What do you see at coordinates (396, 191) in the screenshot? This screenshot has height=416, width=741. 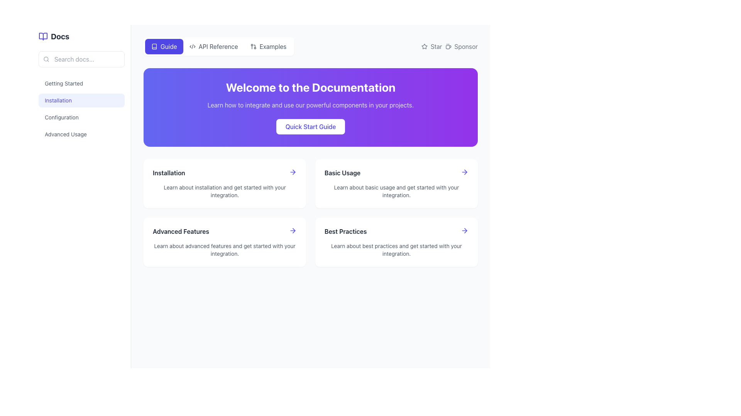 I see `descriptive information provided in the Text block located within the 'Basic Usage' card, which is situated in the second column of a grid structure, below the header text` at bounding box center [396, 191].